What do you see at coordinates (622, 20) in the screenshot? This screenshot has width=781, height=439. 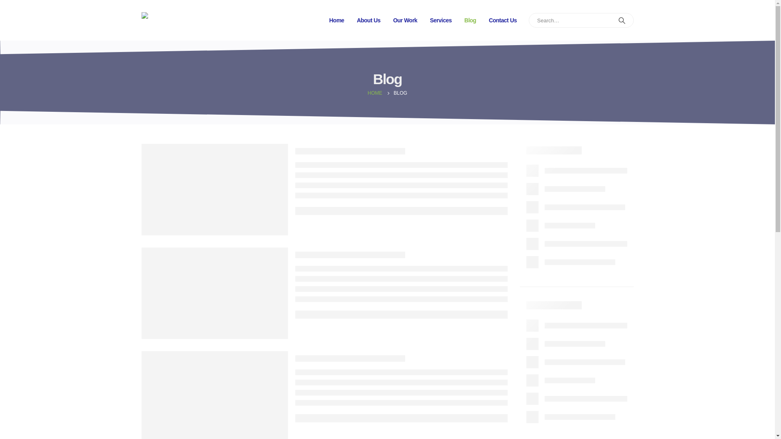 I see `'Search'` at bounding box center [622, 20].